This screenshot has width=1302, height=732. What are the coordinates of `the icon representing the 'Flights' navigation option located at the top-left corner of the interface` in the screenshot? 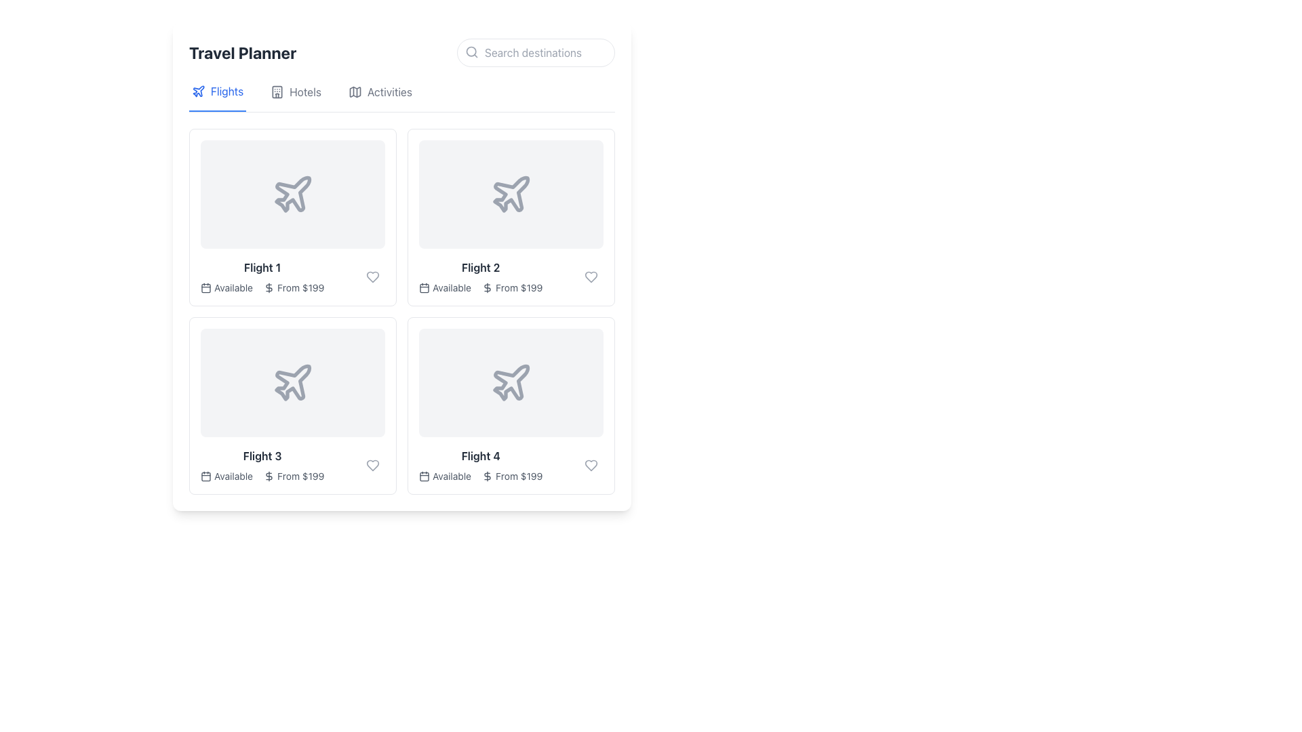 It's located at (197, 91).